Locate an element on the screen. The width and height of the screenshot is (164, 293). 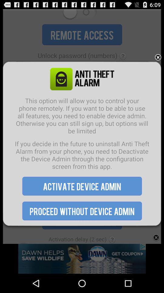
dismiss notification is located at coordinates (158, 57).